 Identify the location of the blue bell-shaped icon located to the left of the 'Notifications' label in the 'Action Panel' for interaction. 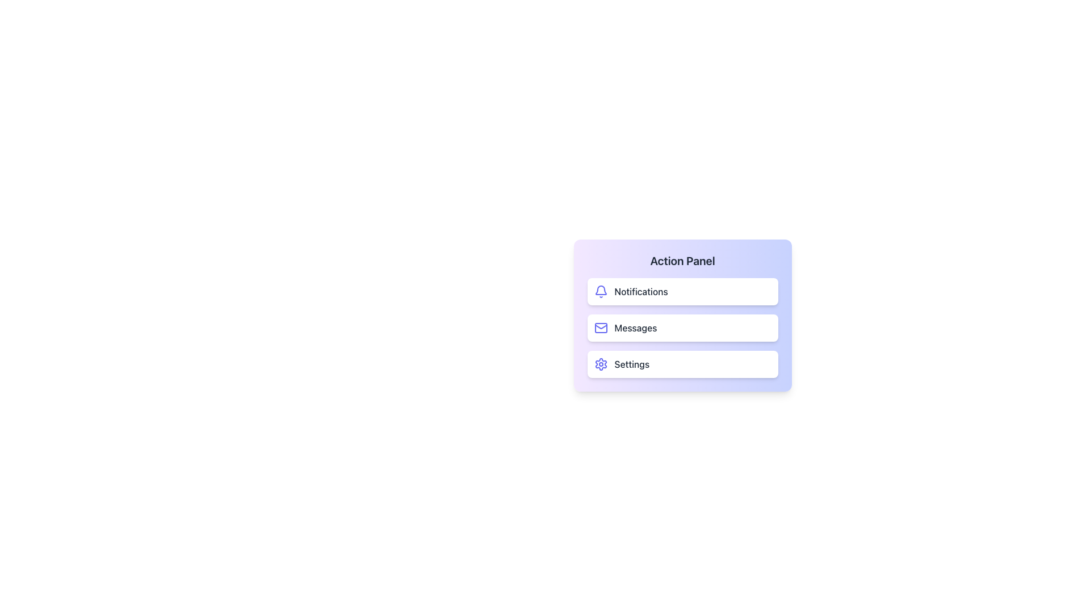
(599, 289).